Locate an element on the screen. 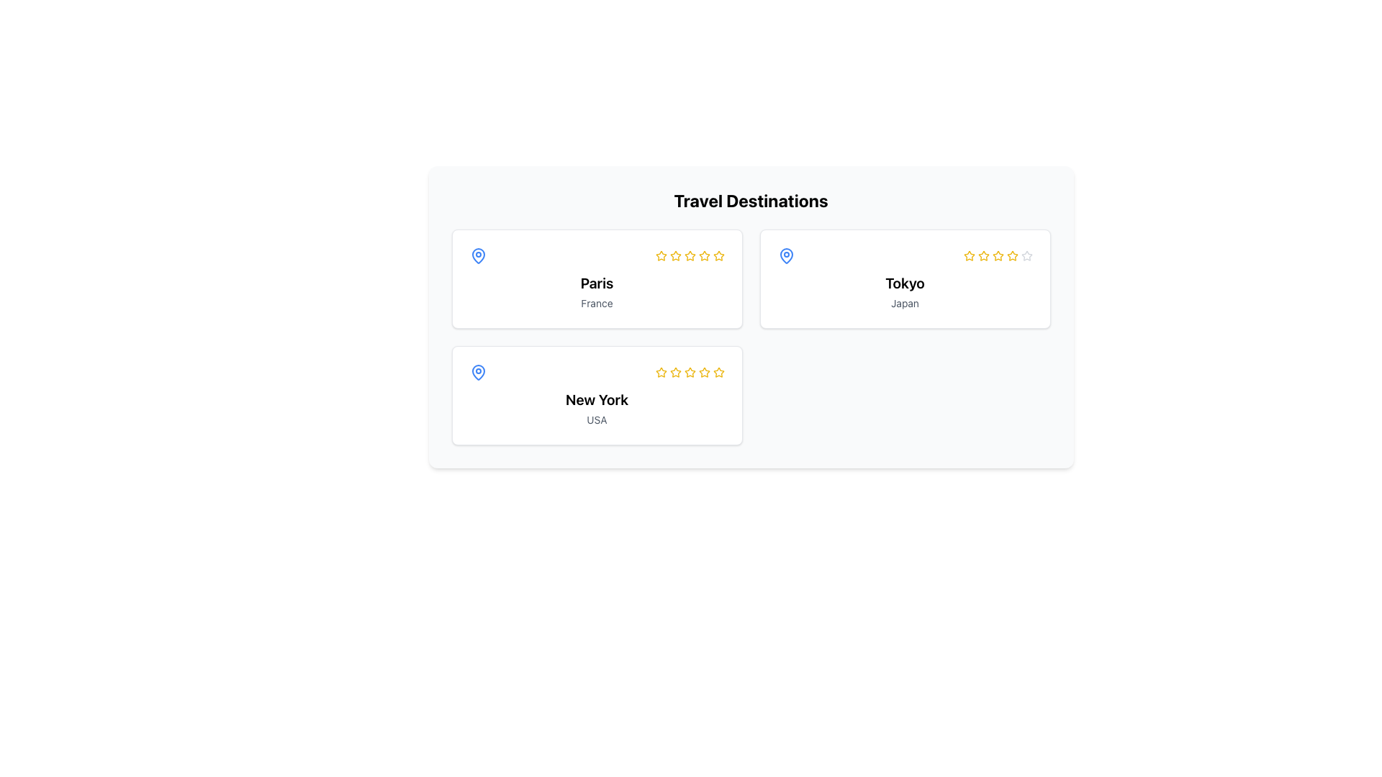 Image resolution: width=1382 pixels, height=777 pixels. the third star in the rating section for New York, which is a yellow outlined star among a group of five stars is located at coordinates (674, 371).